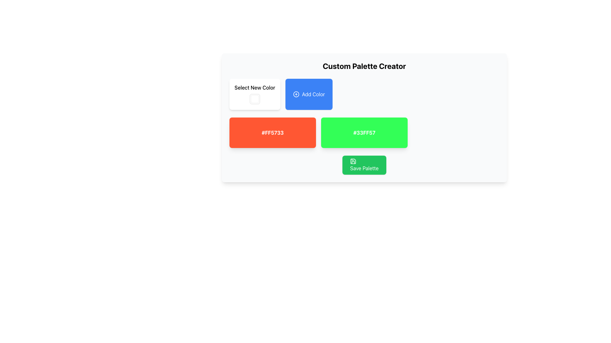 The height and width of the screenshot is (343, 611). I want to click on the 'Save Palette' button, which is a green rectangular button representing the saving functionality in the 'Custom Palette Creator' interface, so click(353, 161).